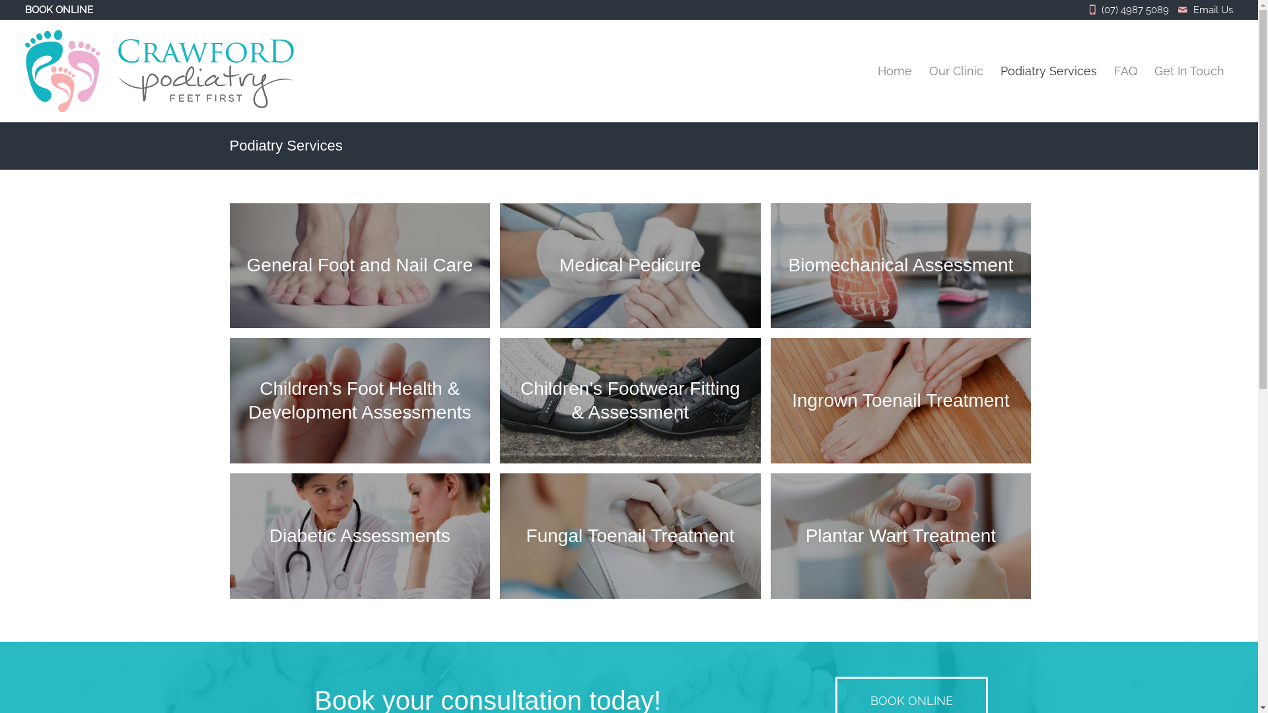 This screenshot has width=1268, height=713. Describe the element at coordinates (365, 270) in the screenshot. I see `'General Foot and Nail Care'` at that location.